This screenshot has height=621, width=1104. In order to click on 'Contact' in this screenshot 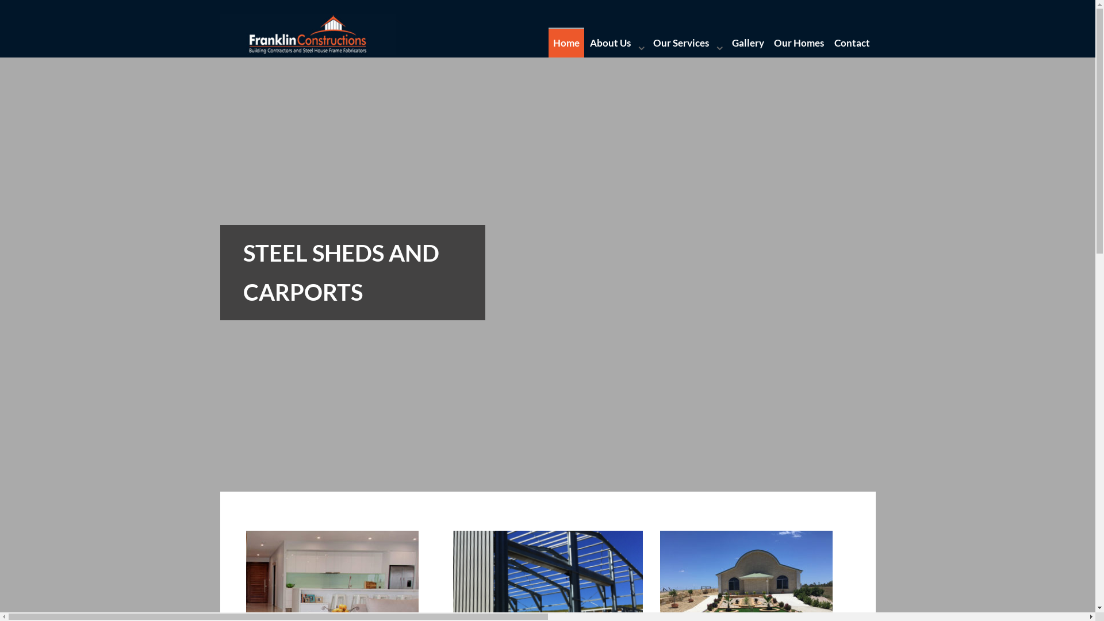, I will do `click(852, 42)`.